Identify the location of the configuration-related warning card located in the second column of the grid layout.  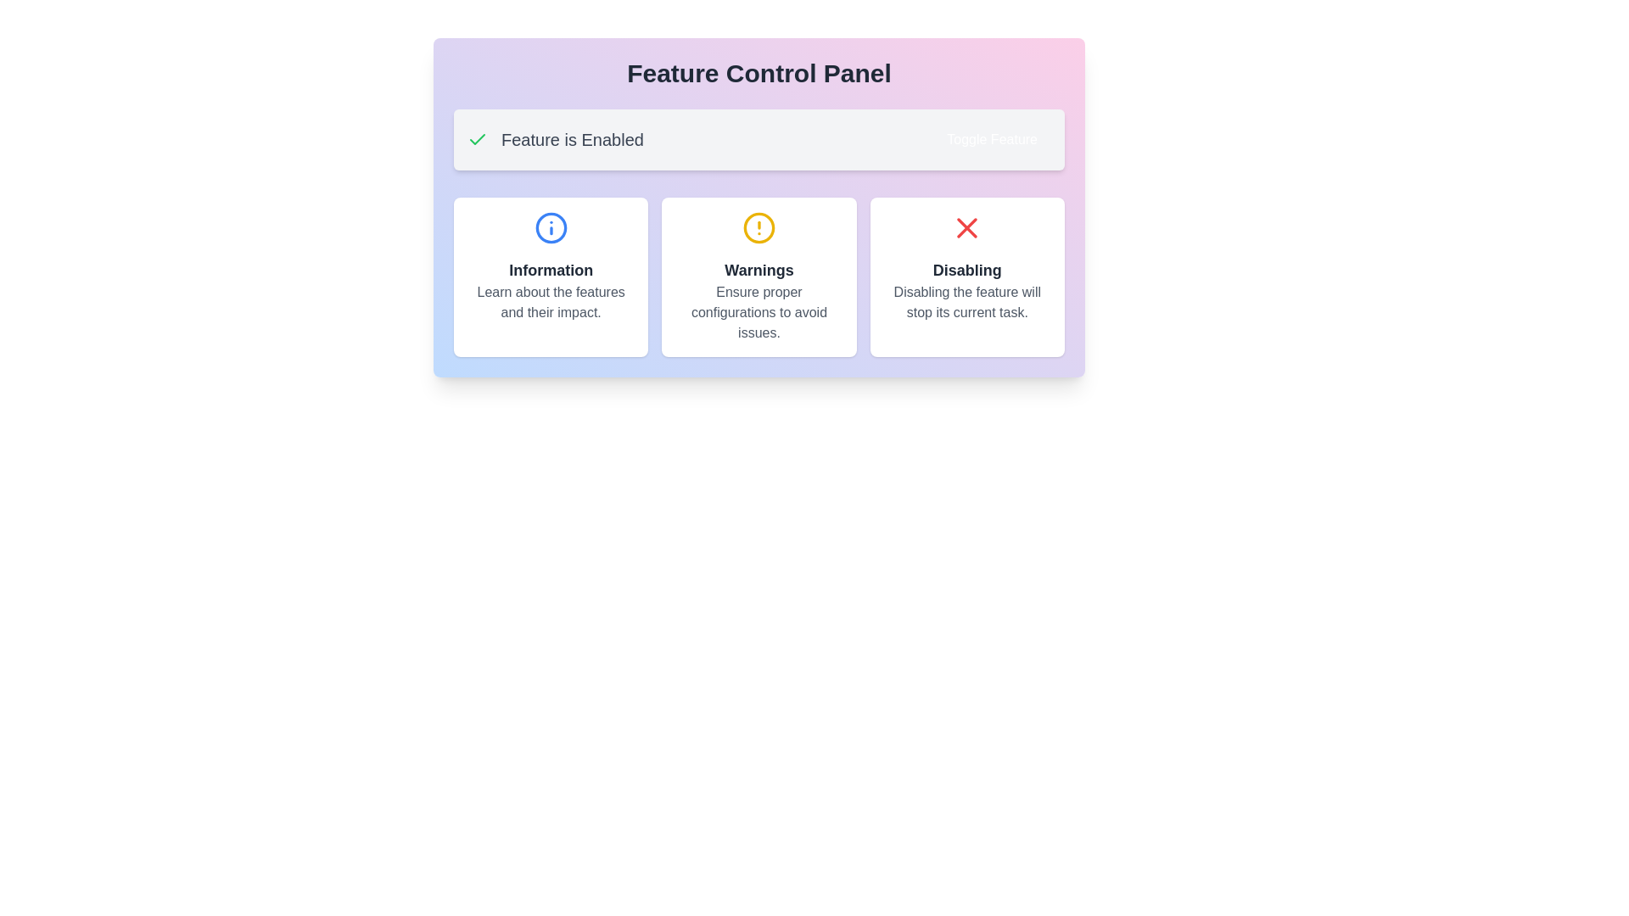
(758, 276).